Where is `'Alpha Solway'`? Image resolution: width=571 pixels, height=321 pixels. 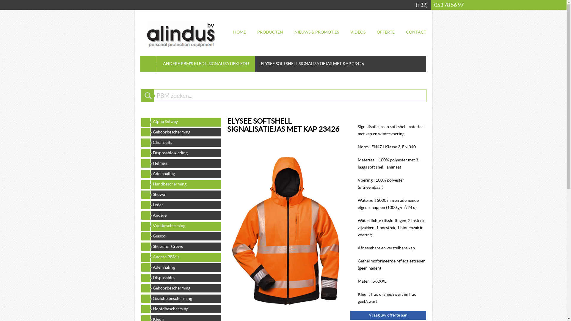 'Alpha Solway' is located at coordinates (180, 121).